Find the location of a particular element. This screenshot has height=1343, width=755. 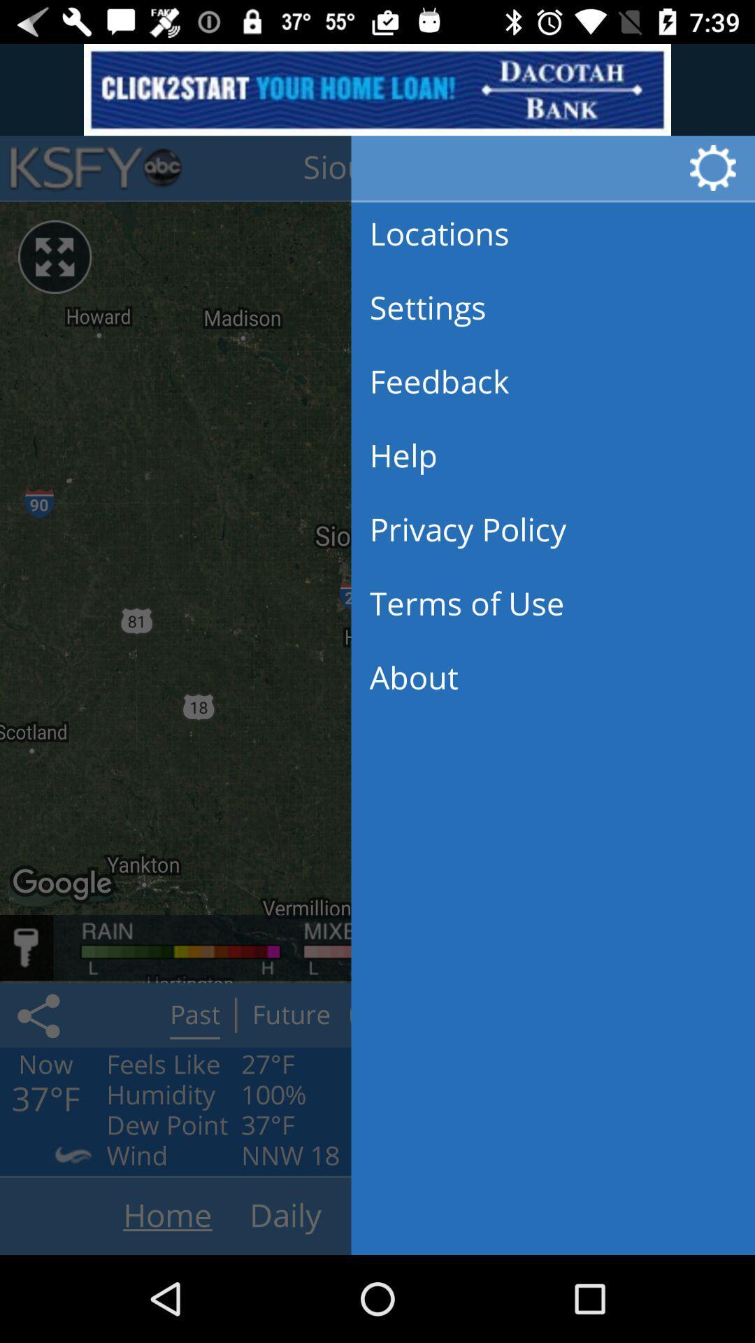

the share icon is located at coordinates (41, 1015).